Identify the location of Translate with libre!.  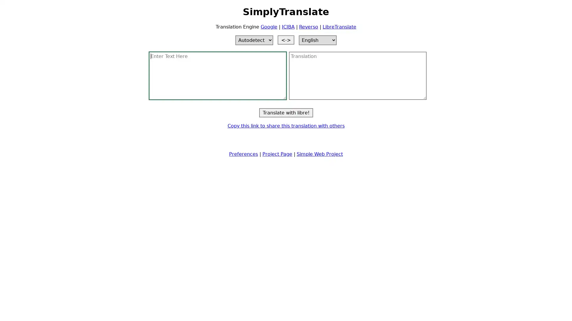
(285, 112).